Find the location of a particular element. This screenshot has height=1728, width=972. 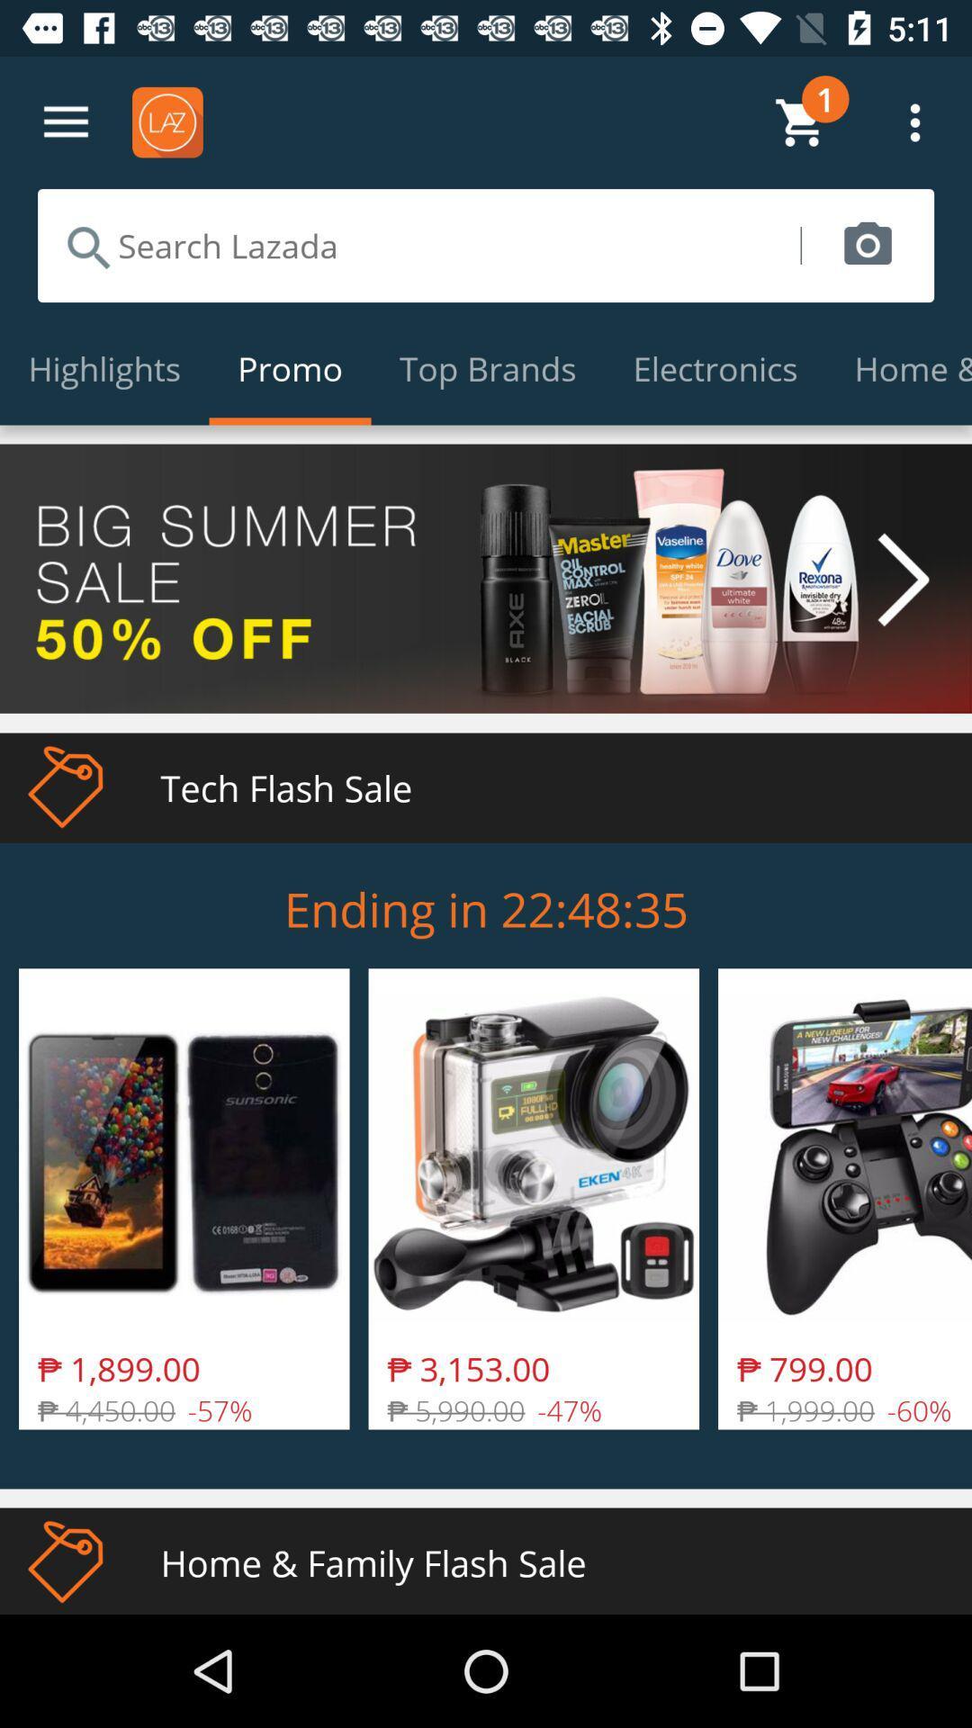

category is located at coordinates (65, 121).